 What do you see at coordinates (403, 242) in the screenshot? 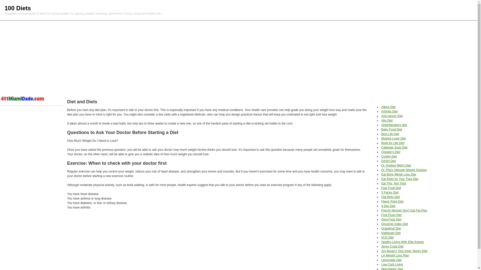
I see `'Healthy Living With Ellie Krieger'` at bounding box center [403, 242].